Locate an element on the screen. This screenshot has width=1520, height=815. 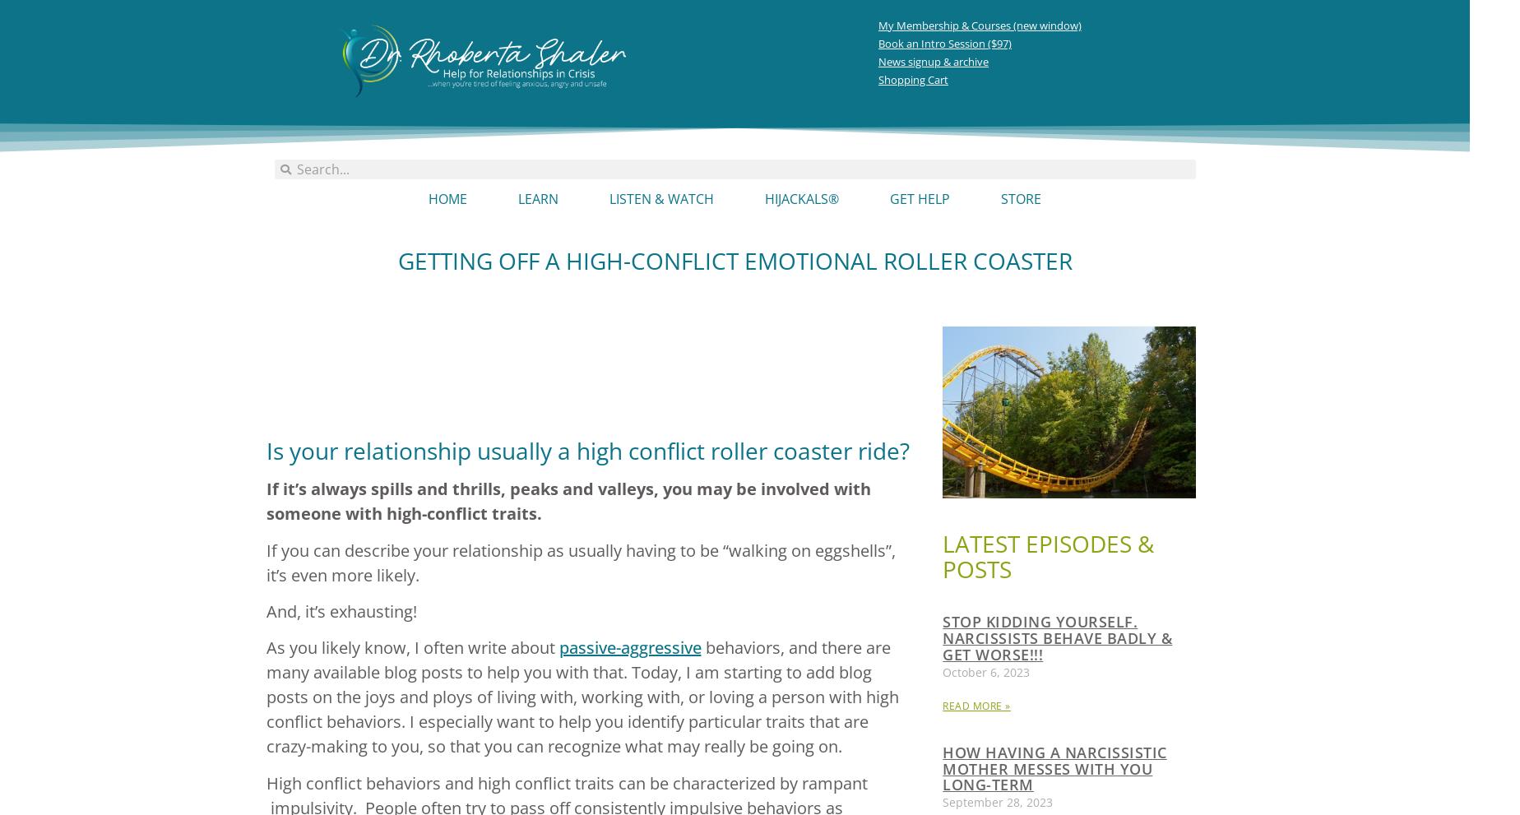
'Read More »' is located at coordinates (942, 705).